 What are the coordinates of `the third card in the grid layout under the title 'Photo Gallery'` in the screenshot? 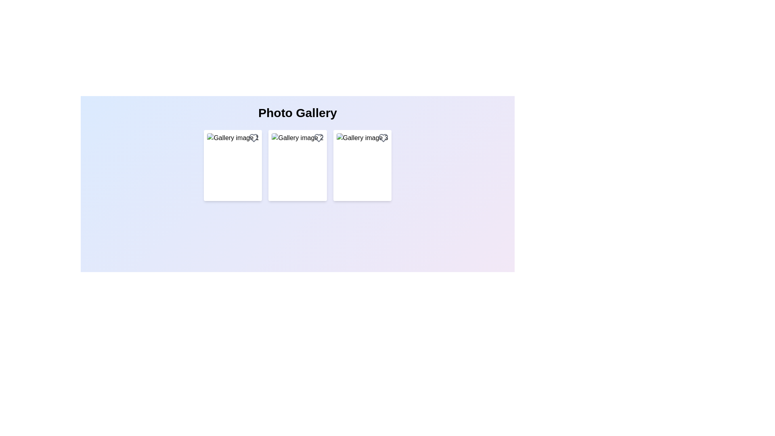 It's located at (362, 165).